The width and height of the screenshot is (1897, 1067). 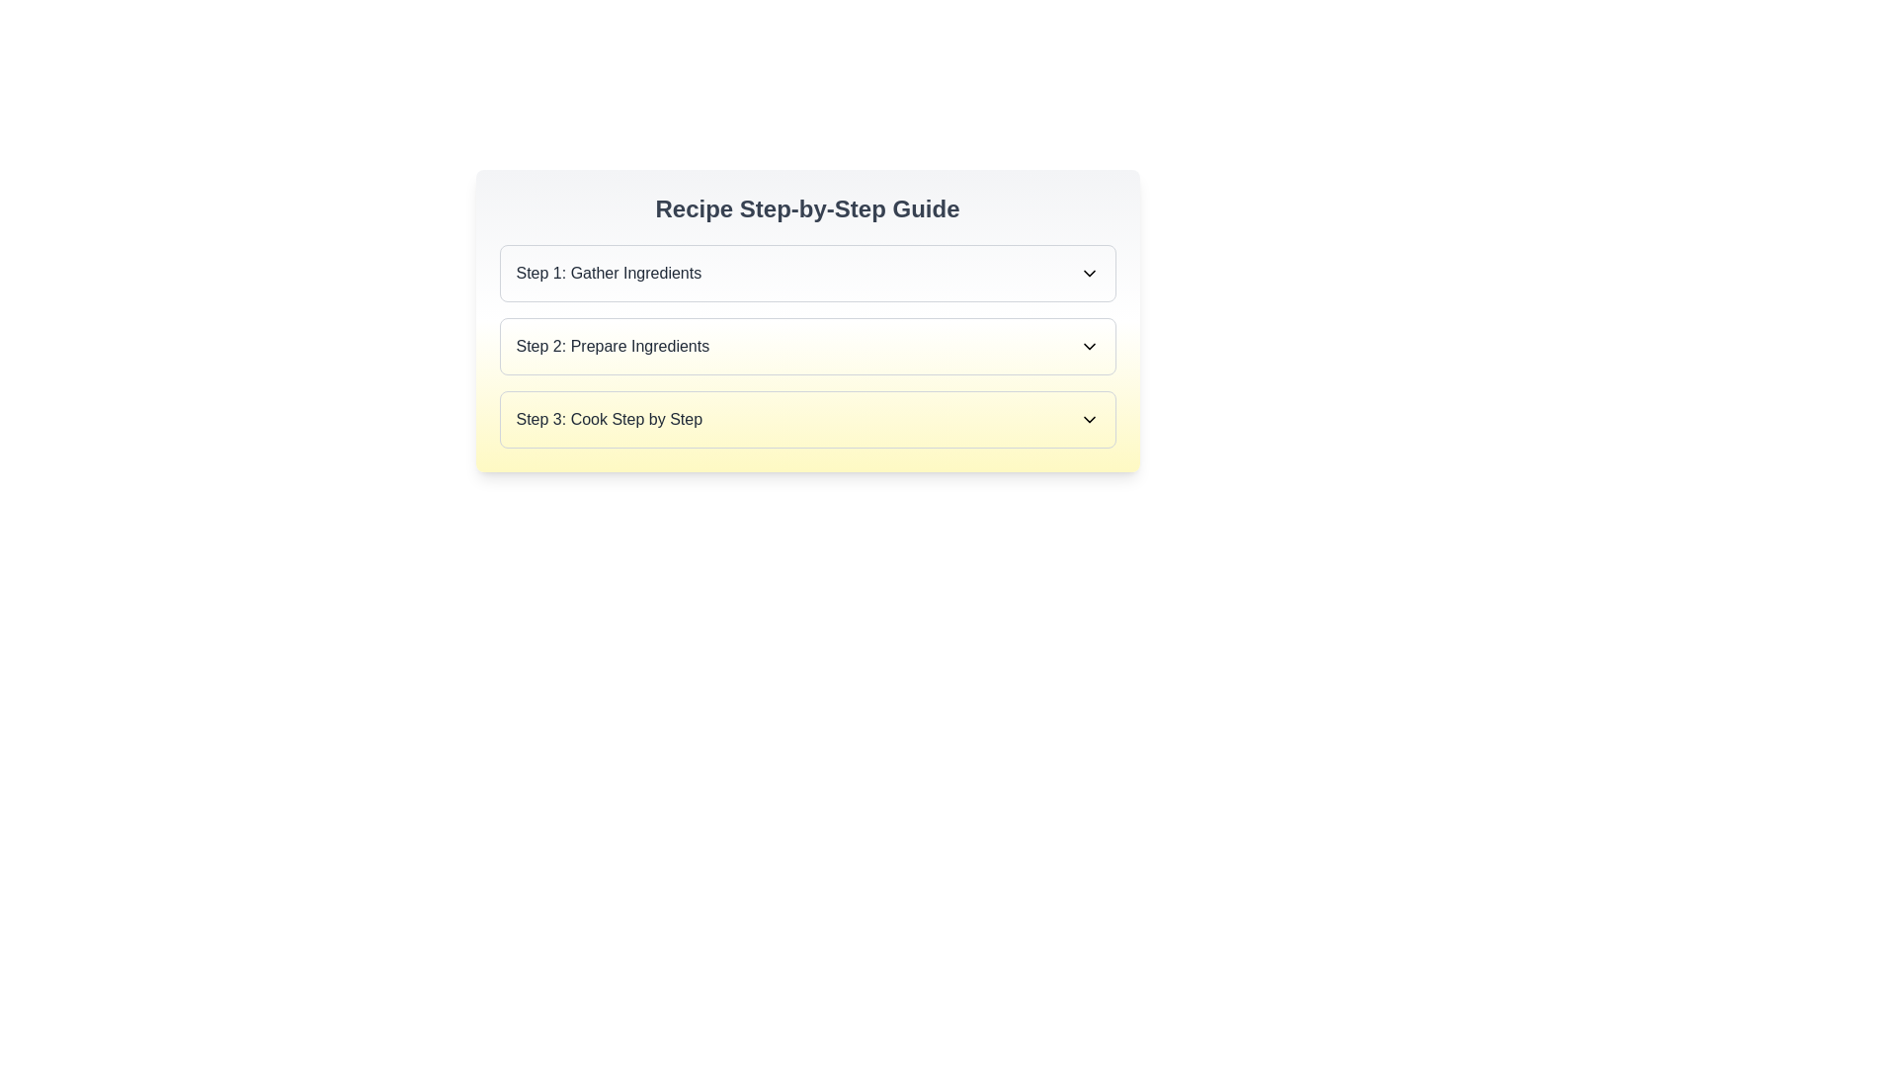 I want to click on the text label header that says 'Step 3: Cook Step by Step', which is styled in bold and appears dark gray on a yellowish background, located in the 'Recipe Step-by-Step Guide' menu structure, so click(x=608, y=418).